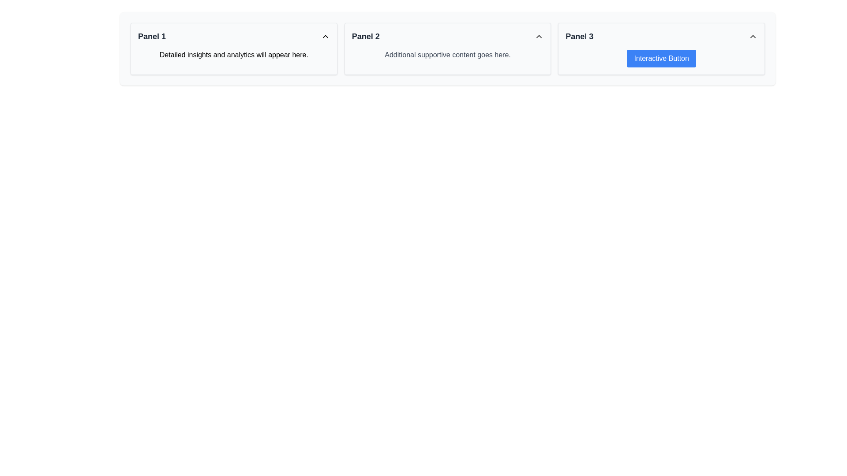  Describe the element at coordinates (234, 55) in the screenshot. I see `the static text element containing the sentence 'Detailed insights and analytics will appear here.' located in the lower portion of 'Panel 1.'` at that location.